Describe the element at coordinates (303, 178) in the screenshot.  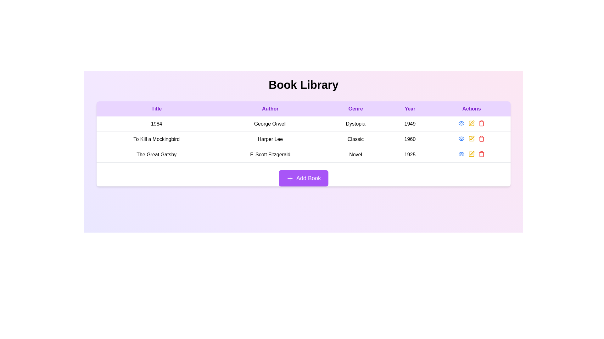
I see `the button designed to add a new book entry to the library` at that location.